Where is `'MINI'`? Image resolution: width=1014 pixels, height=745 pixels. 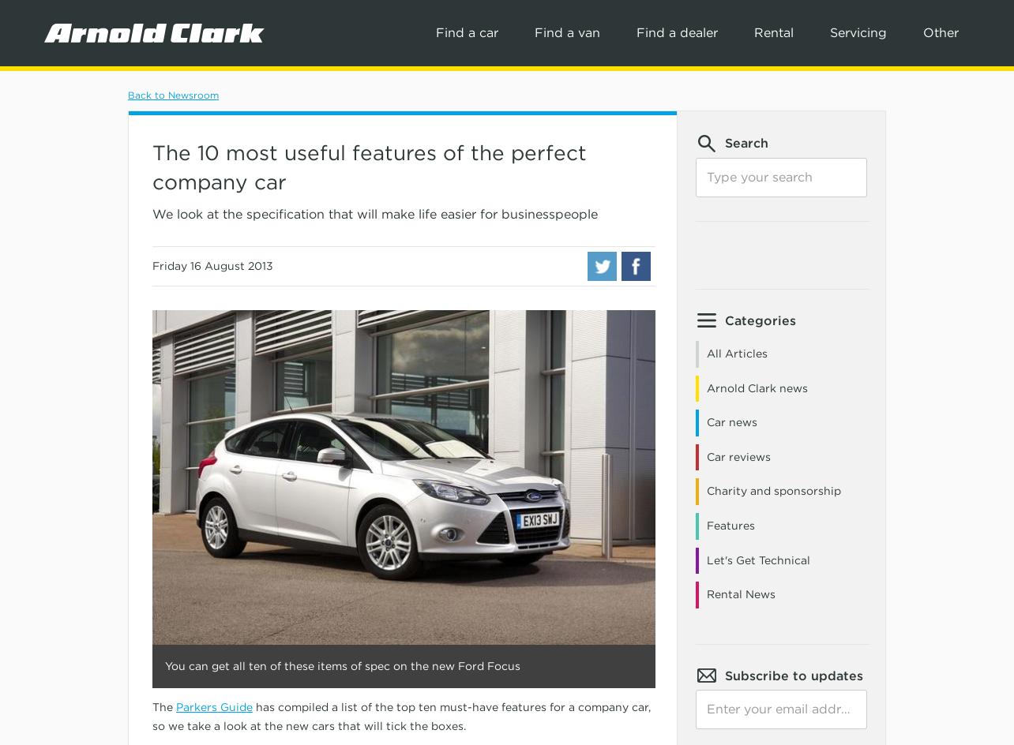 'MINI' is located at coordinates (394, 361).